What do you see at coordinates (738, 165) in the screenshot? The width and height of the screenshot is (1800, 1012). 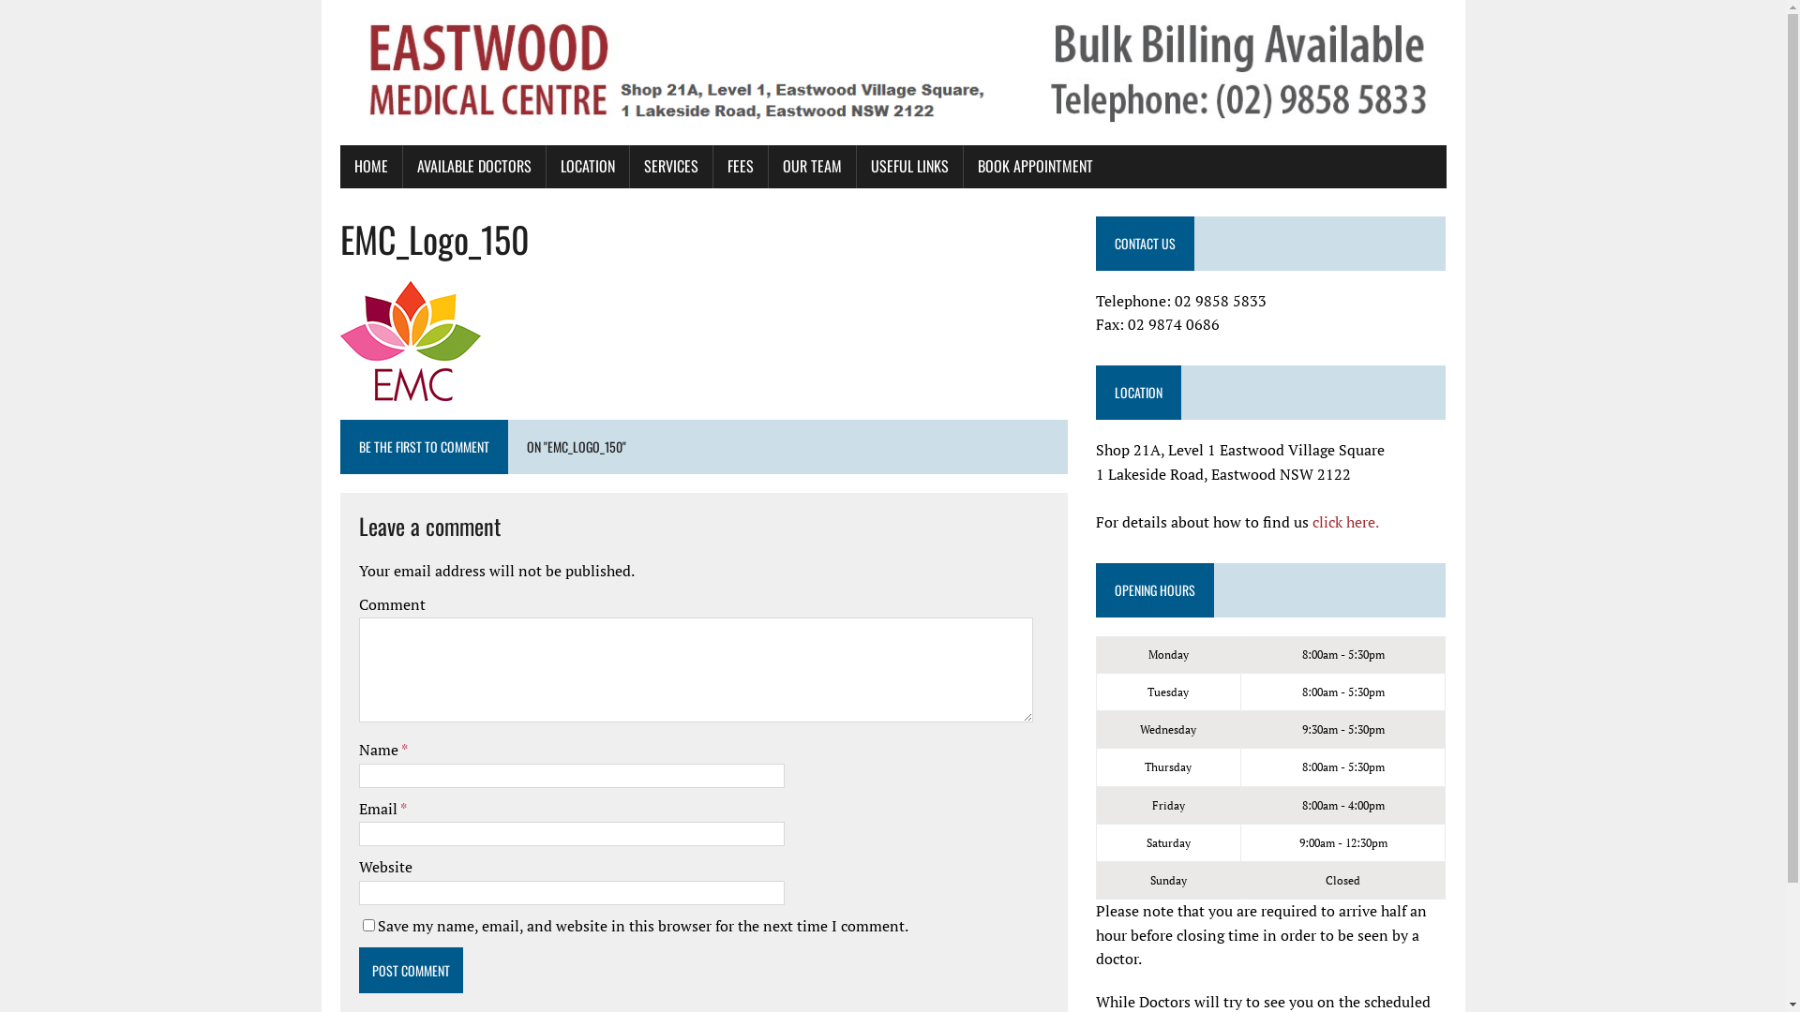 I see `'FEES'` at bounding box center [738, 165].